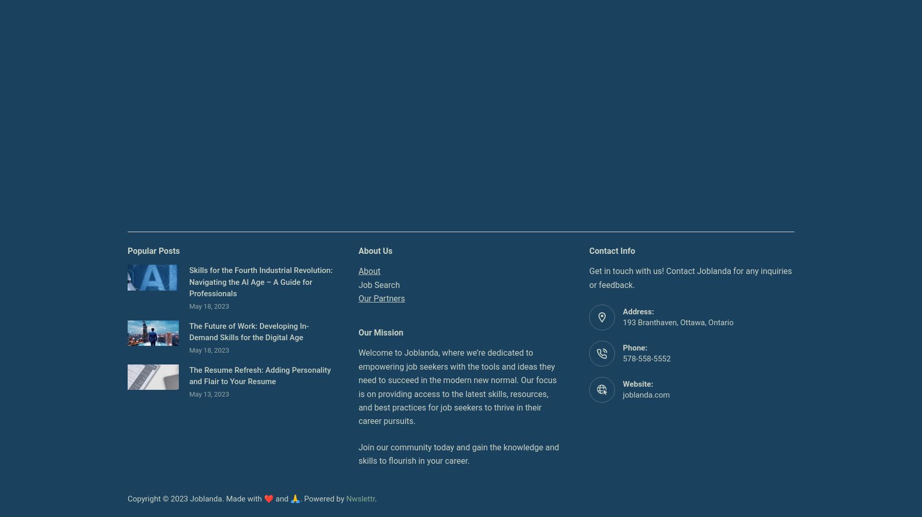  What do you see at coordinates (153, 250) in the screenshot?
I see `'Popular Posts'` at bounding box center [153, 250].